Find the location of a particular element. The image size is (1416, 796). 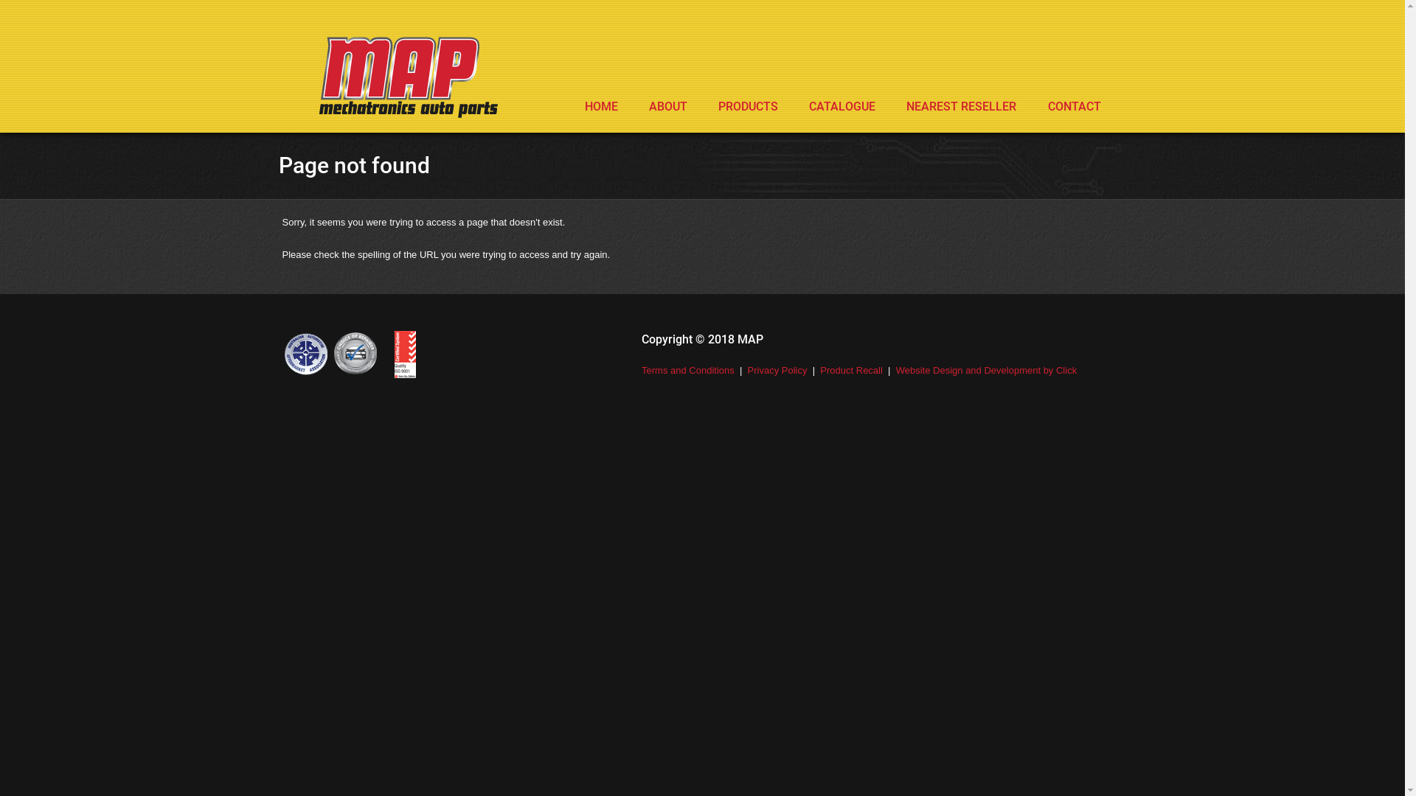

'Choice of Repairer' is located at coordinates (355, 355).